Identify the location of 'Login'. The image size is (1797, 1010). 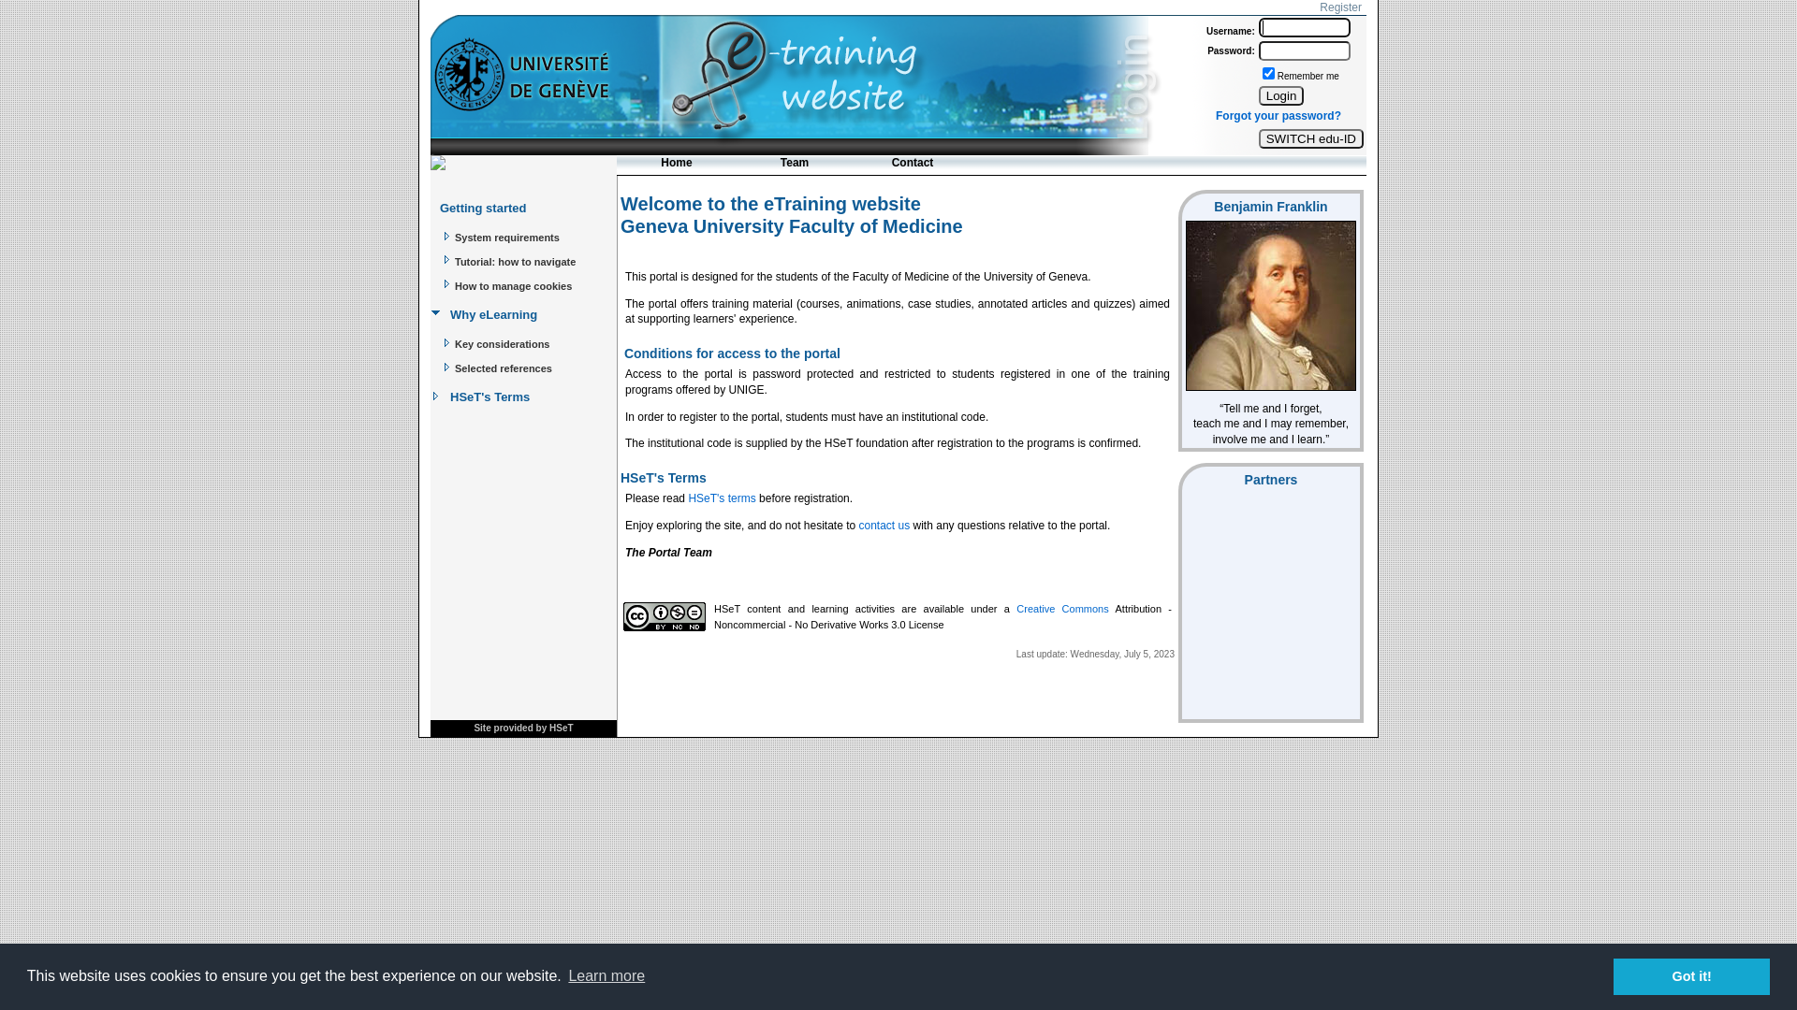
(1280, 95).